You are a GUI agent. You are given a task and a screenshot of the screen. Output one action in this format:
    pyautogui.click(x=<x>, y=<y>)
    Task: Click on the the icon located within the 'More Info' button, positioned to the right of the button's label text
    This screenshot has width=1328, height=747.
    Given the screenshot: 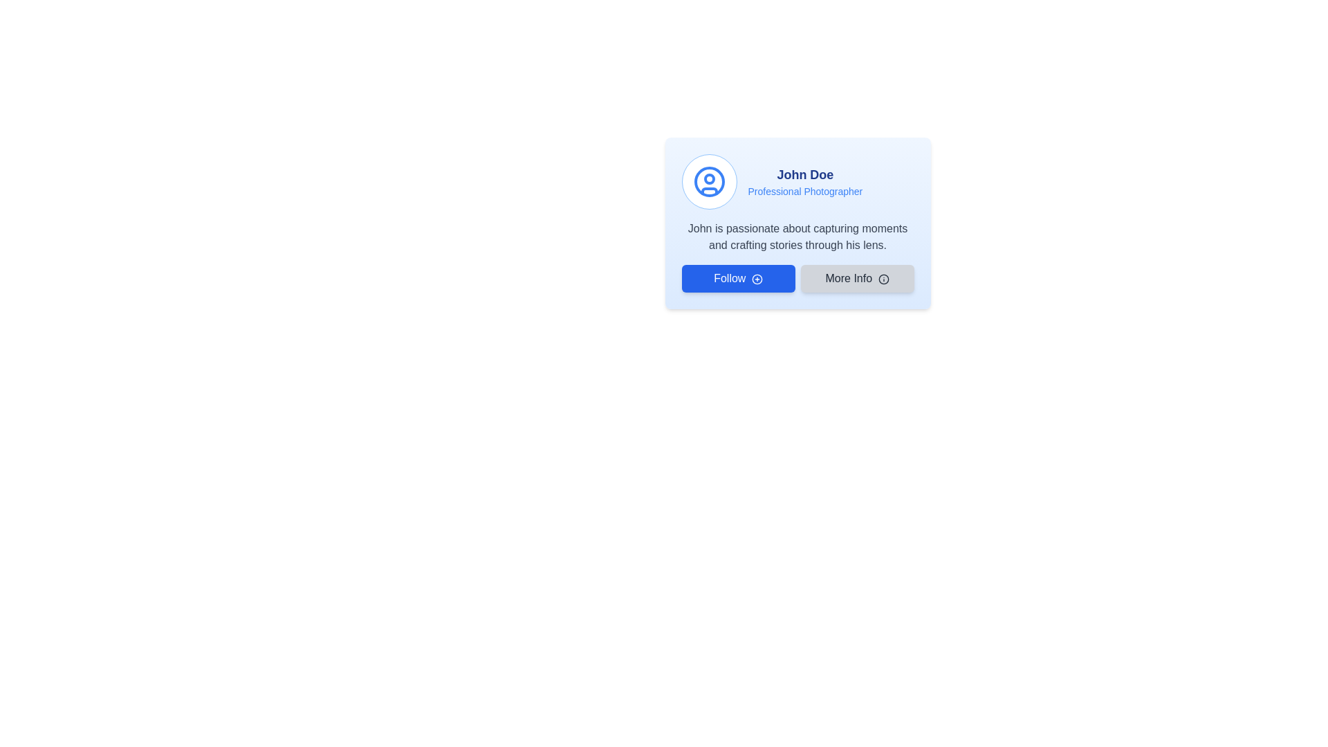 What is the action you would take?
    pyautogui.click(x=883, y=279)
    